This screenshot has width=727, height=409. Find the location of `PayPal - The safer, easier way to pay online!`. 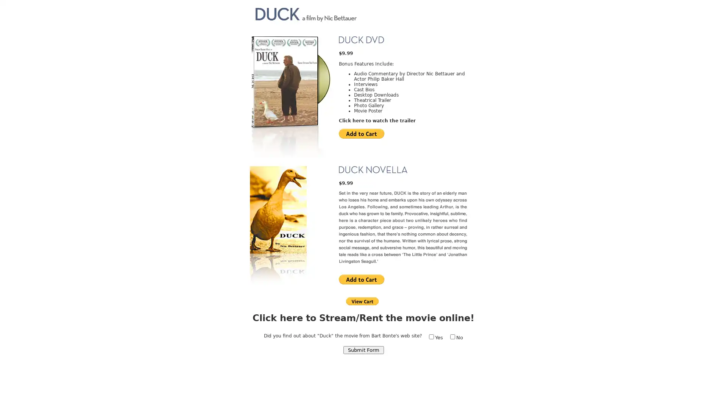

PayPal - The safer, easier way to pay online! is located at coordinates (361, 279).